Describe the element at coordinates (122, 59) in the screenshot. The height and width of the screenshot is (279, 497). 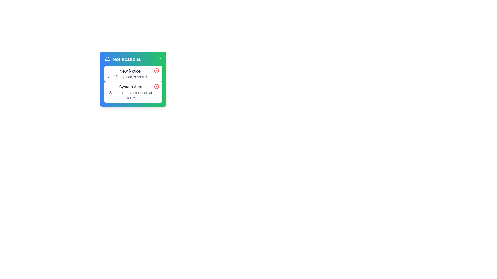
I see `the 'Notifications' label, which features a notification bell icon and white text on a gradient background from blue to green, located in the top-left section of the notification card` at that location.